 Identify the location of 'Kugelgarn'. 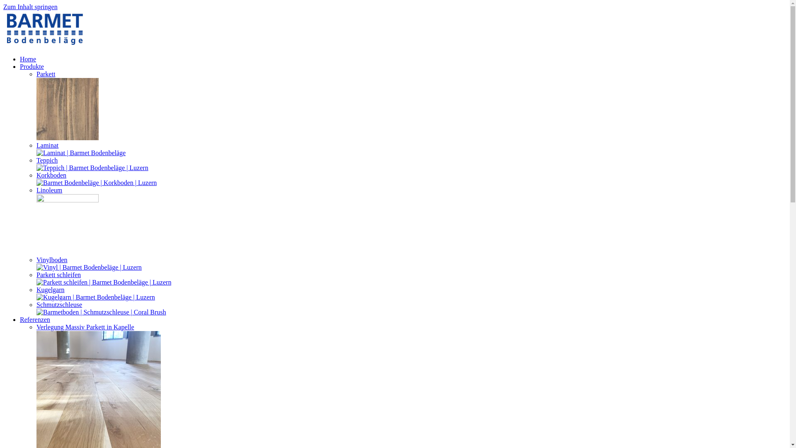
(50, 289).